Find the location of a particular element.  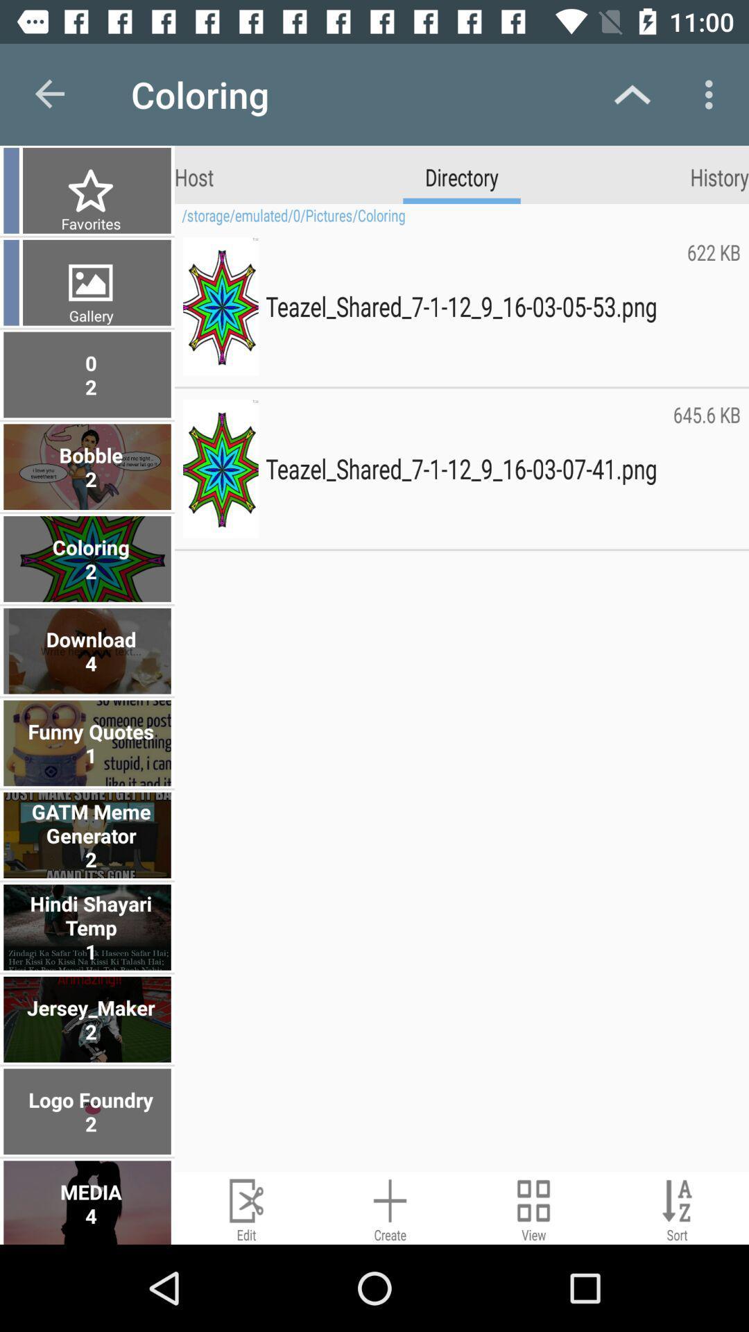

edit button is located at coordinates (246, 1207).